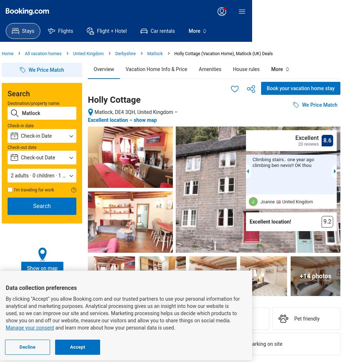  I want to click on 'Free WiFi', so click(34, 344).